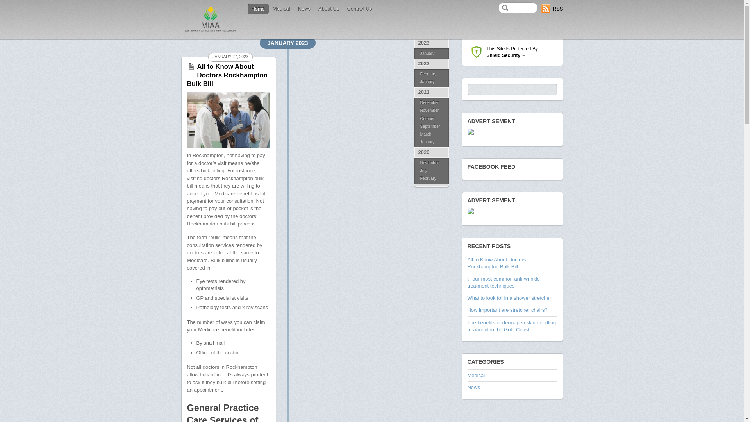 The image size is (750, 422). What do you see at coordinates (498, 7) in the screenshot?
I see `'Search'` at bounding box center [498, 7].